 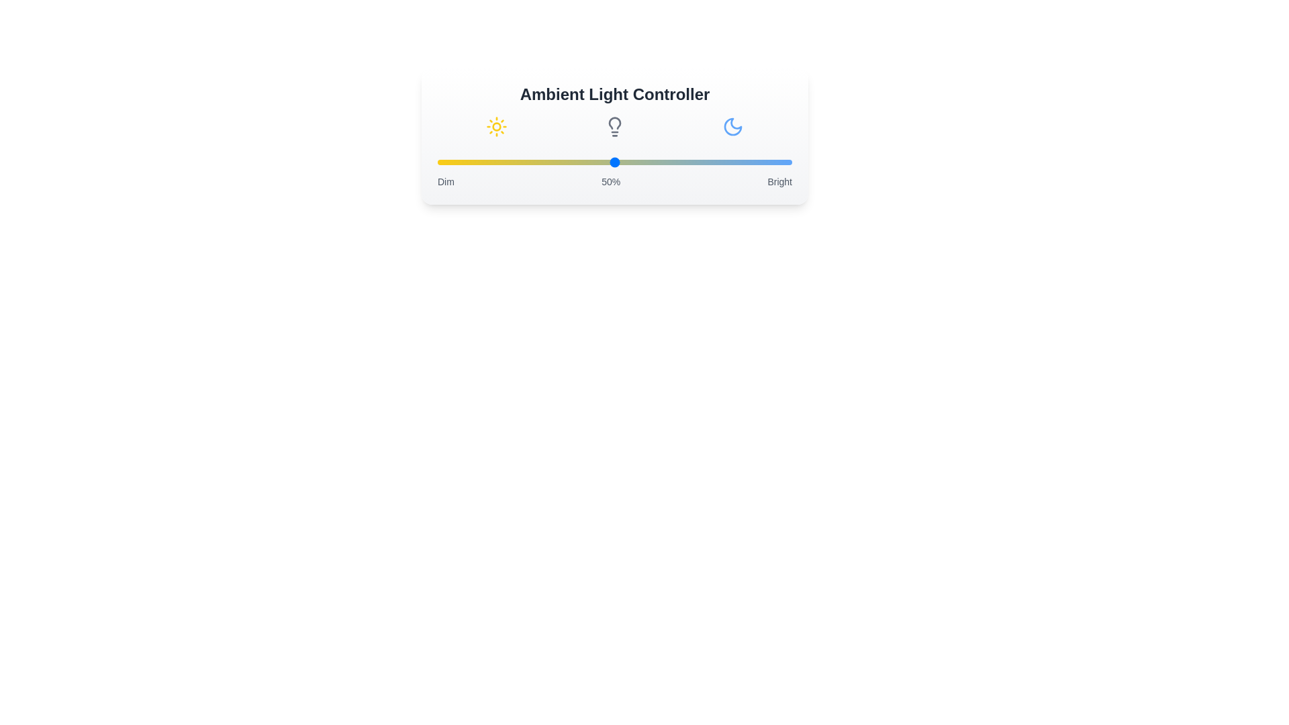 What do you see at coordinates (731, 162) in the screenshot?
I see `the light intensity to 83% by moving the slider` at bounding box center [731, 162].